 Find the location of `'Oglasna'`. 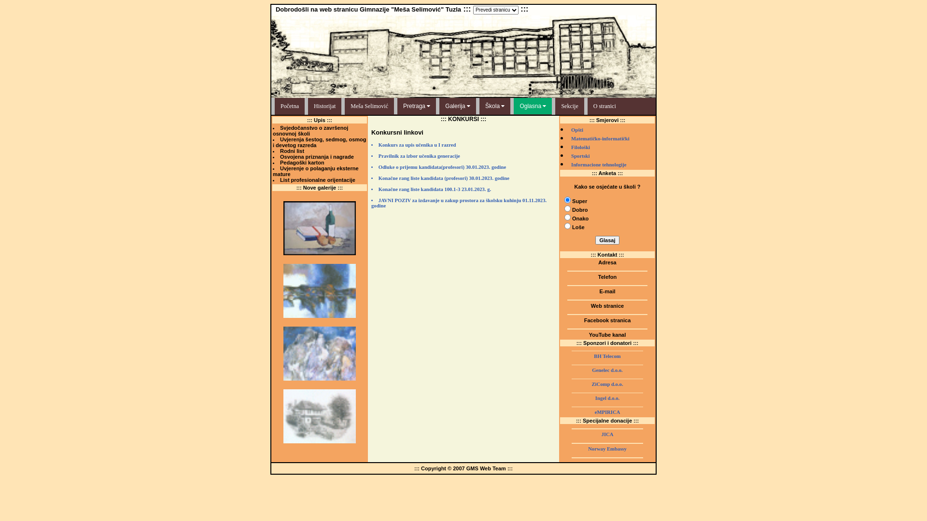

'Oglasna' is located at coordinates (532, 106).